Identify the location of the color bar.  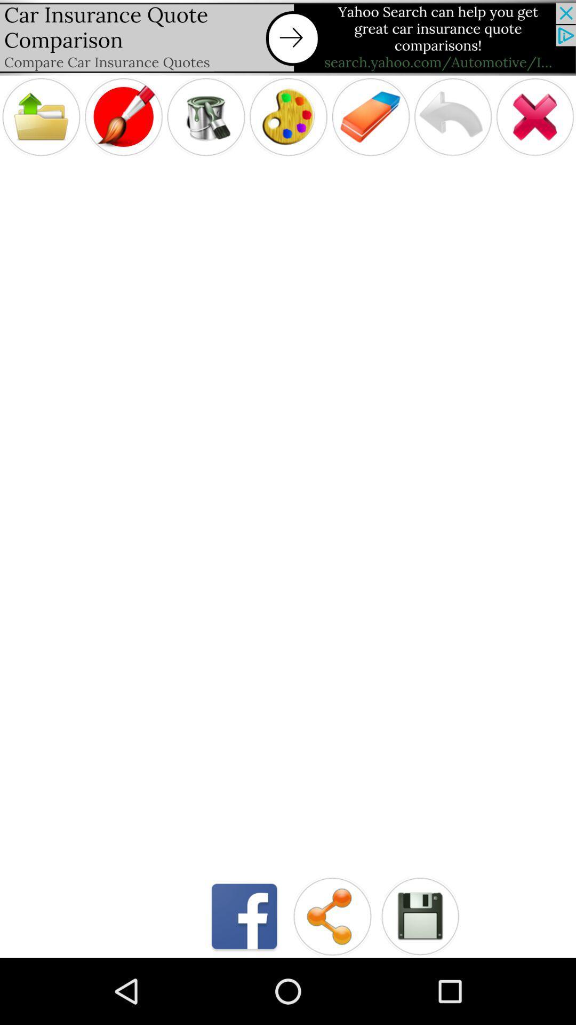
(288, 117).